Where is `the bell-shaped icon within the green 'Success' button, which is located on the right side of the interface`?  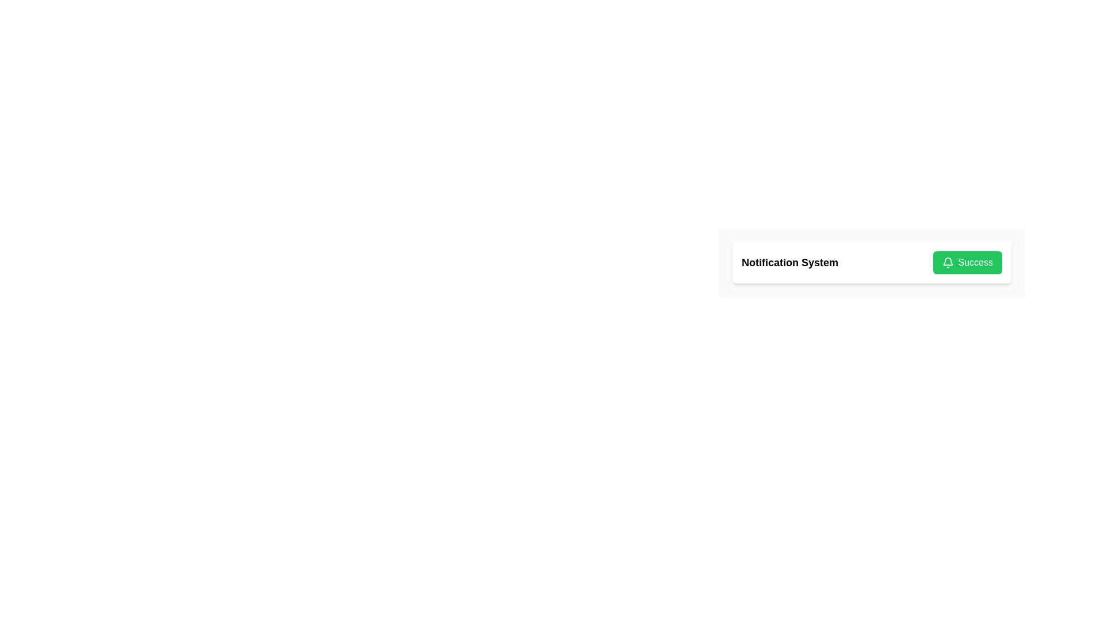
the bell-shaped icon within the green 'Success' button, which is located on the right side of the interface is located at coordinates (948, 262).